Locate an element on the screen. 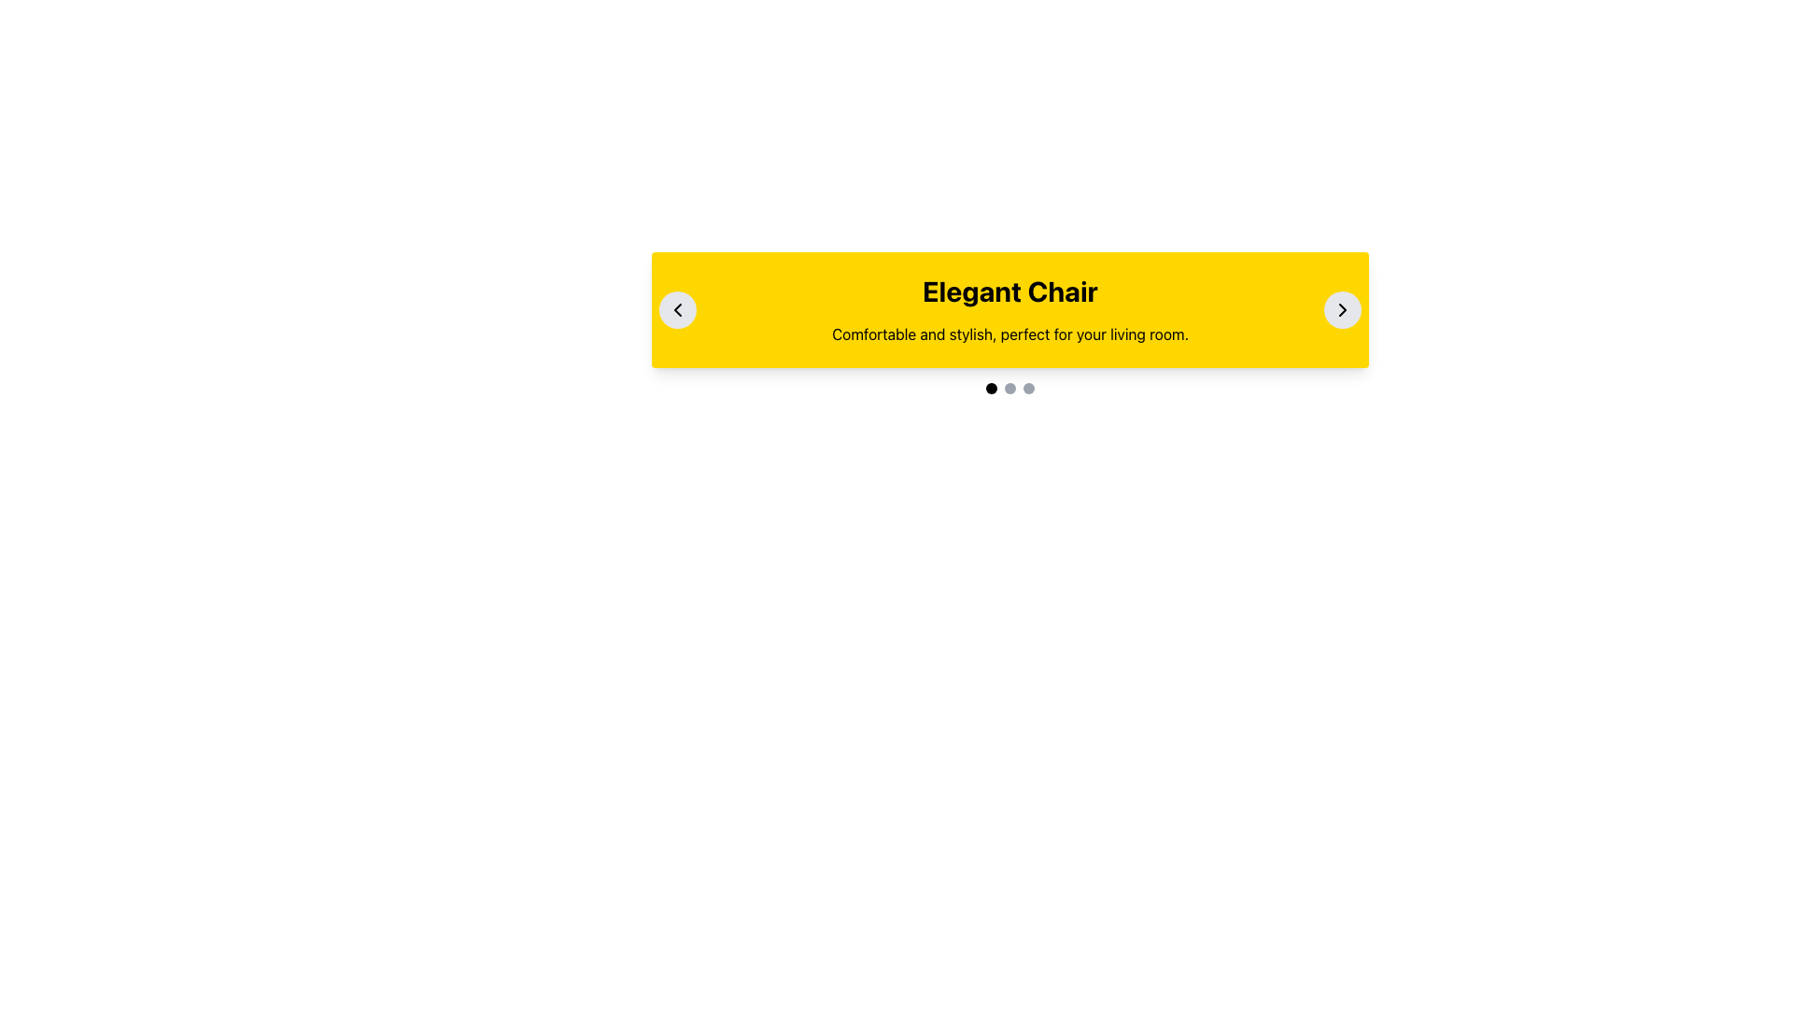 Image resolution: width=1793 pixels, height=1009 pixels. the right navigation button located on the right side of the yellow card displaying 'Elegant Chair' is located at coordinates (1342, 308).